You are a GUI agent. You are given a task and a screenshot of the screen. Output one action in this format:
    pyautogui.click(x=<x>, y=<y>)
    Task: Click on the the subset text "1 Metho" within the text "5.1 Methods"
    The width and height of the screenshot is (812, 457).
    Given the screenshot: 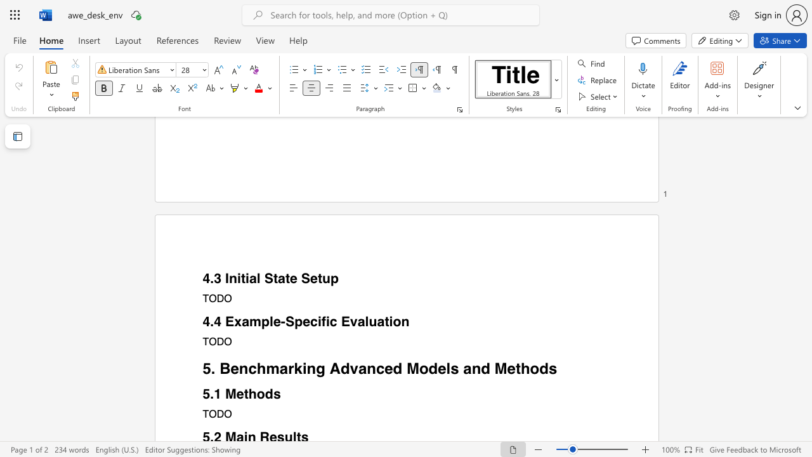 What is the action you would take?
    pyautogui.click(x=214, y=394)
    